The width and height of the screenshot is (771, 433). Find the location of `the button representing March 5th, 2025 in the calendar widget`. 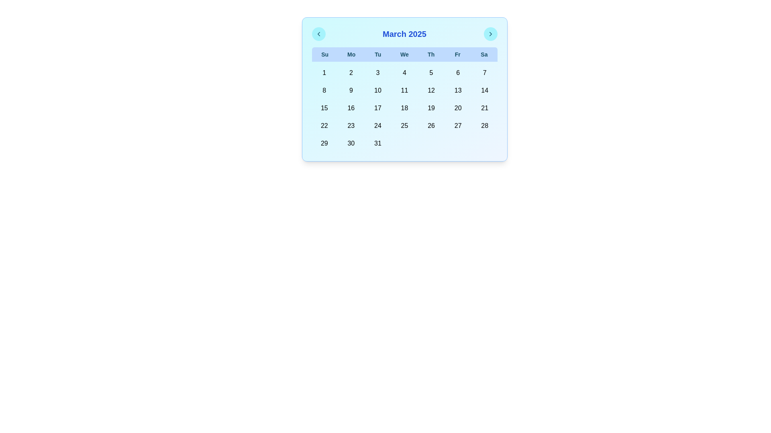

the button representing March 5th, 2025 in the calendar widget is located at coordinates (431, 73).